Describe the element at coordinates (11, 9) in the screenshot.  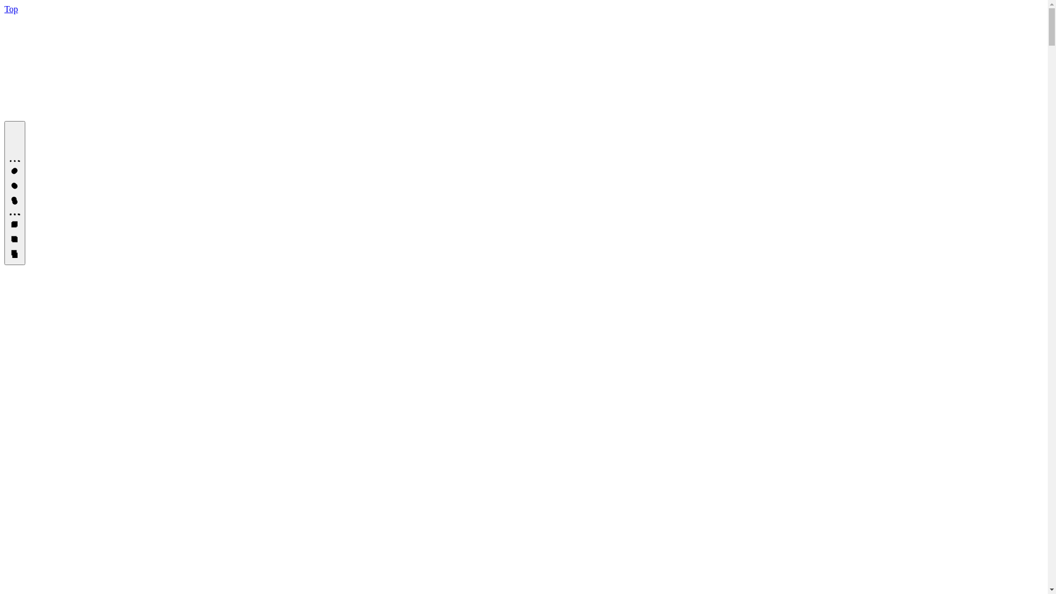
I see `'Top'` at that location.